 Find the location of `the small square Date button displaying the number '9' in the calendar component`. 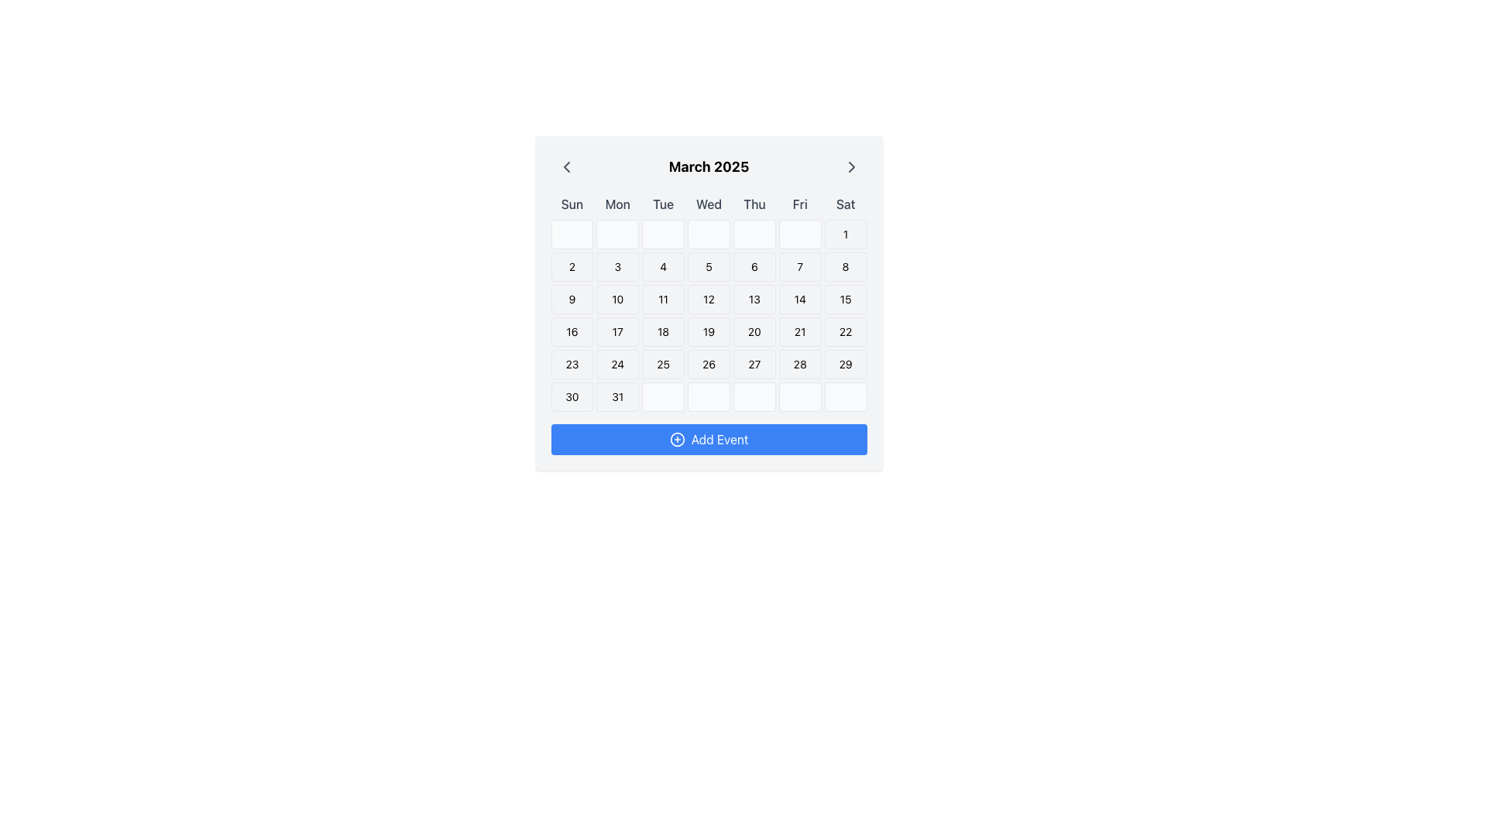

the small square Date button displaying the number '9' in the calendar component is located at coordinates (572, 299).